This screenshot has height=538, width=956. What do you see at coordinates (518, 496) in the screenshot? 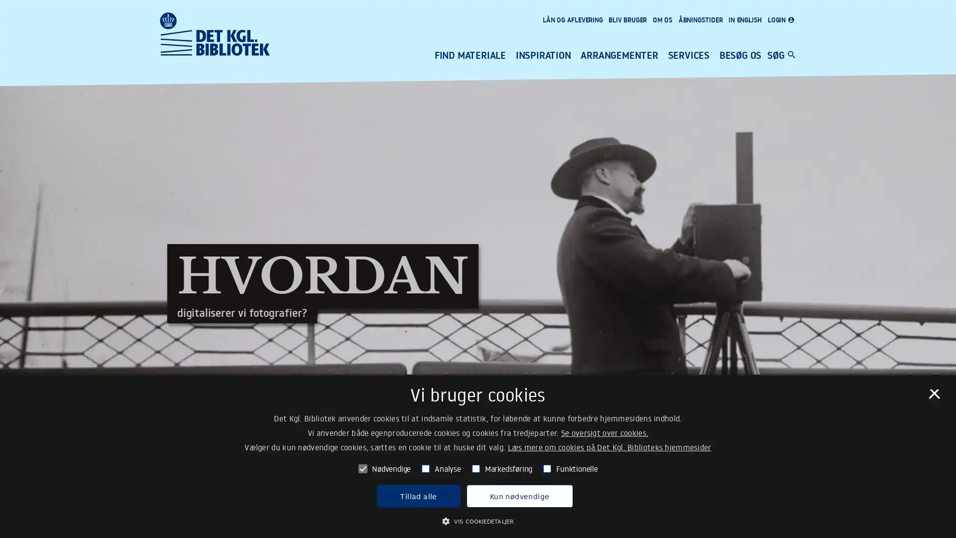
I see `Kun ndvendige` at bounding box center [518, 496].